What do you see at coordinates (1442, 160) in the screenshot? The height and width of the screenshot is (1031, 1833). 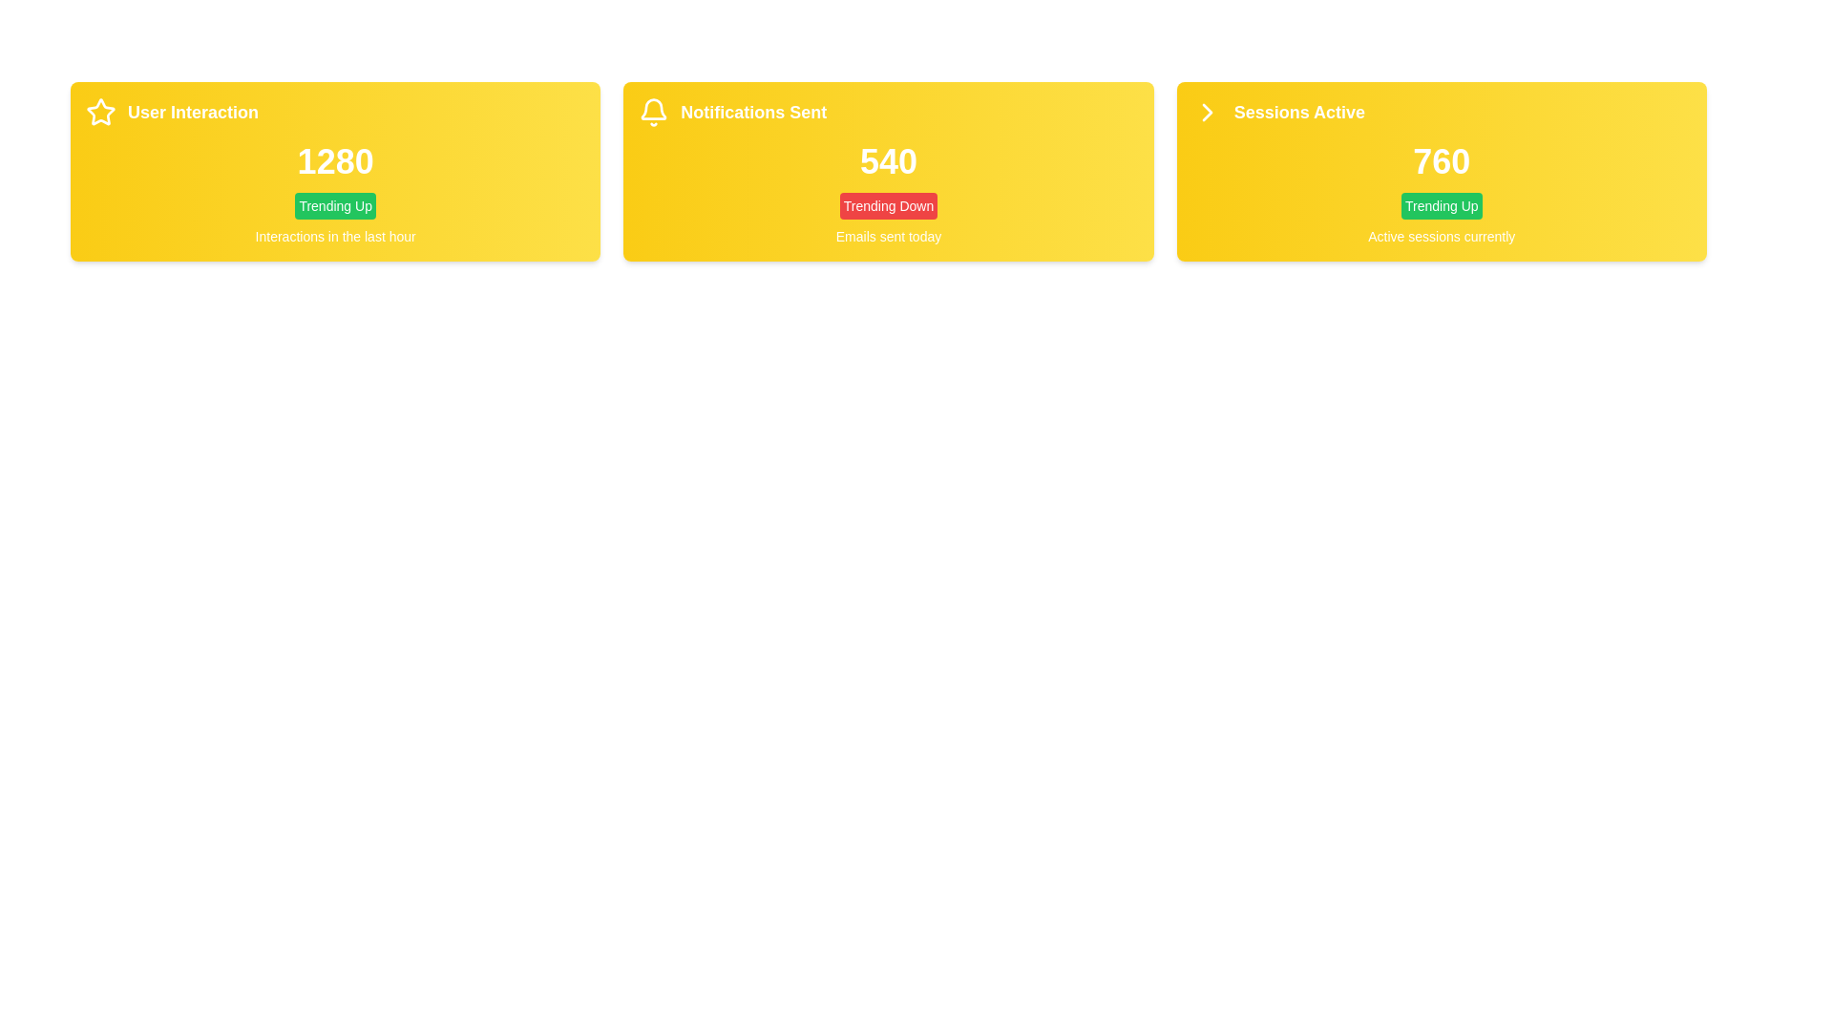 I see `displayed value '760' from the Text label located in the third yellow card labeled 'Sessions Active' on the dashboard` at bounding box center [1442, 160].